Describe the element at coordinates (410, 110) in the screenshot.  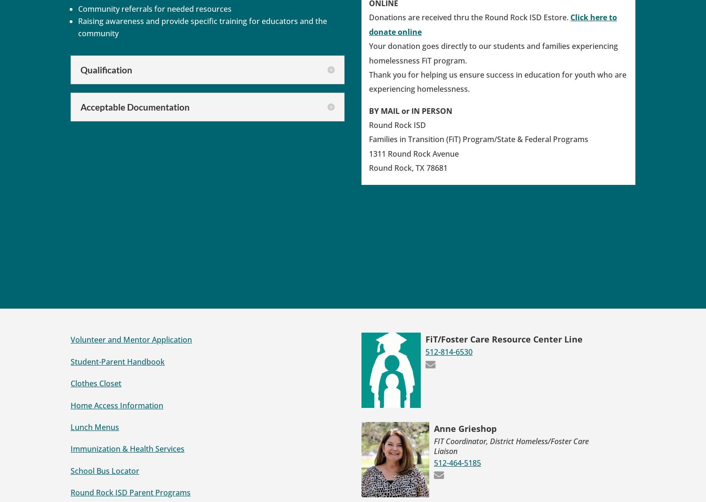
I see `'BY MAIL or IN PERSON'` at that location.